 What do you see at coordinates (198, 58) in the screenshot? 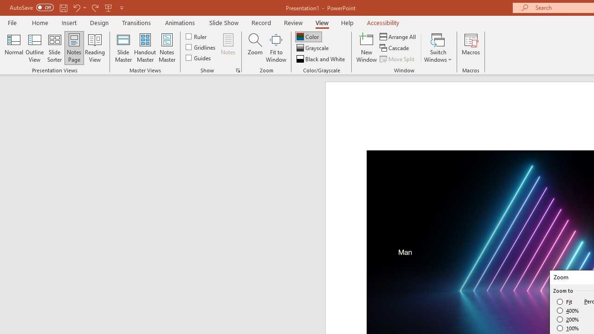
I see `'Guides'` at bounding box center [198, 58].